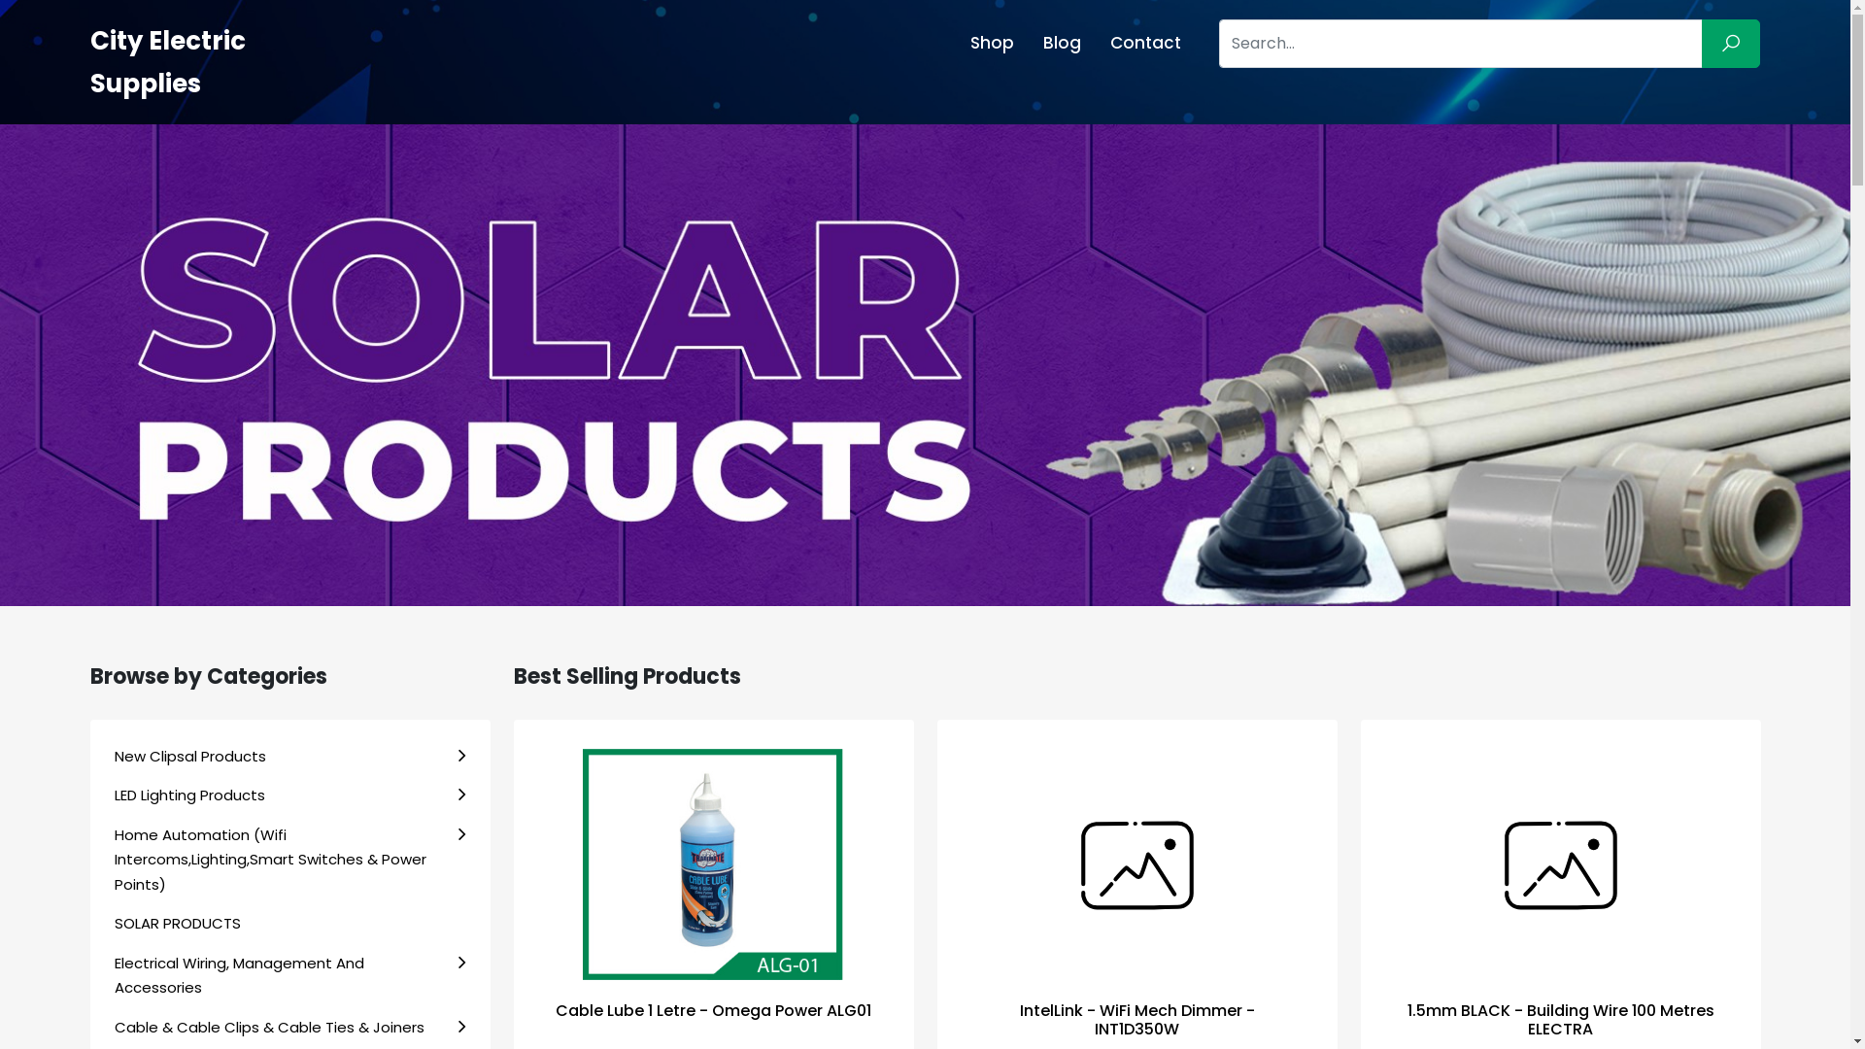  I want to click on 'City Electric Supplies', so click(87, 61).